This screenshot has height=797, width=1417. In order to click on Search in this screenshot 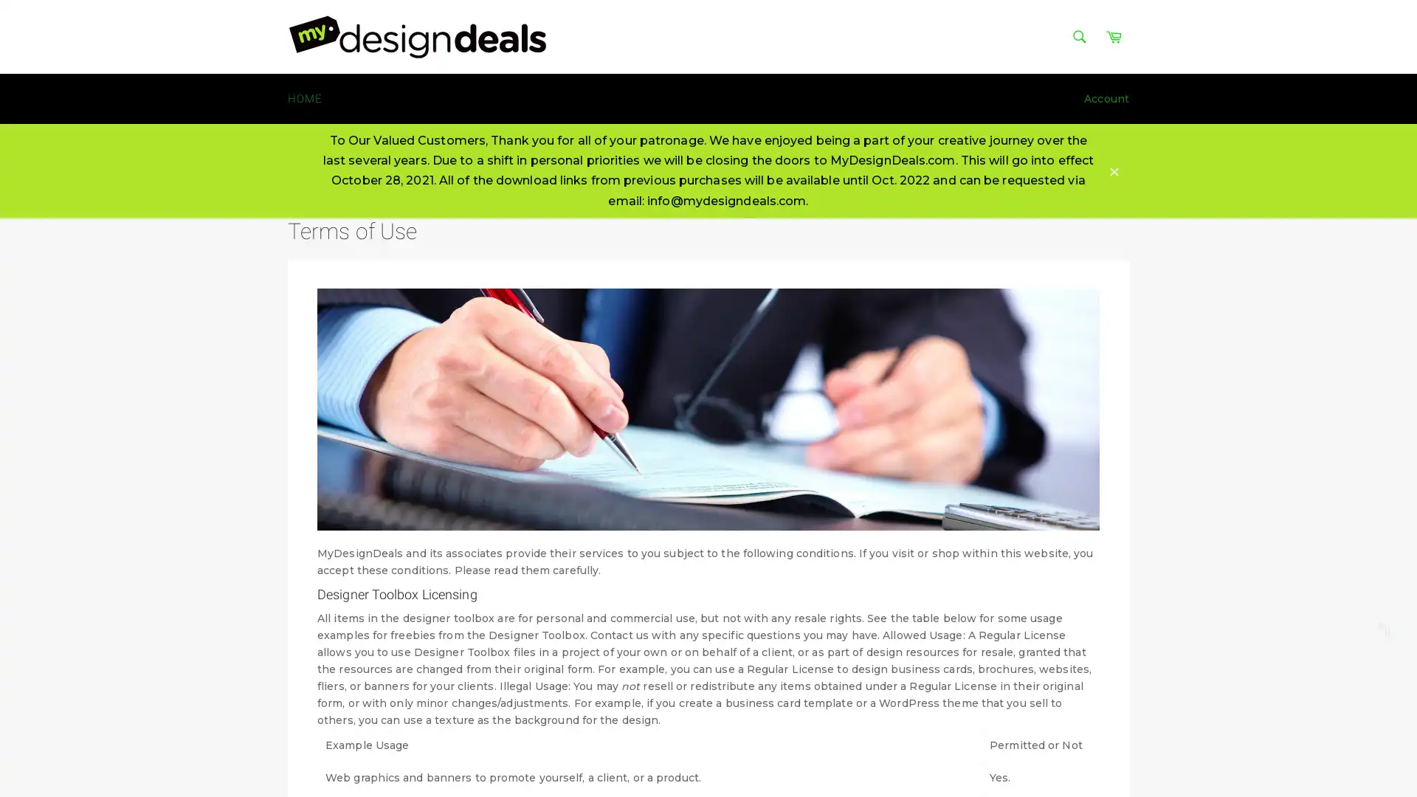, I will do `click(1079, 36)`.